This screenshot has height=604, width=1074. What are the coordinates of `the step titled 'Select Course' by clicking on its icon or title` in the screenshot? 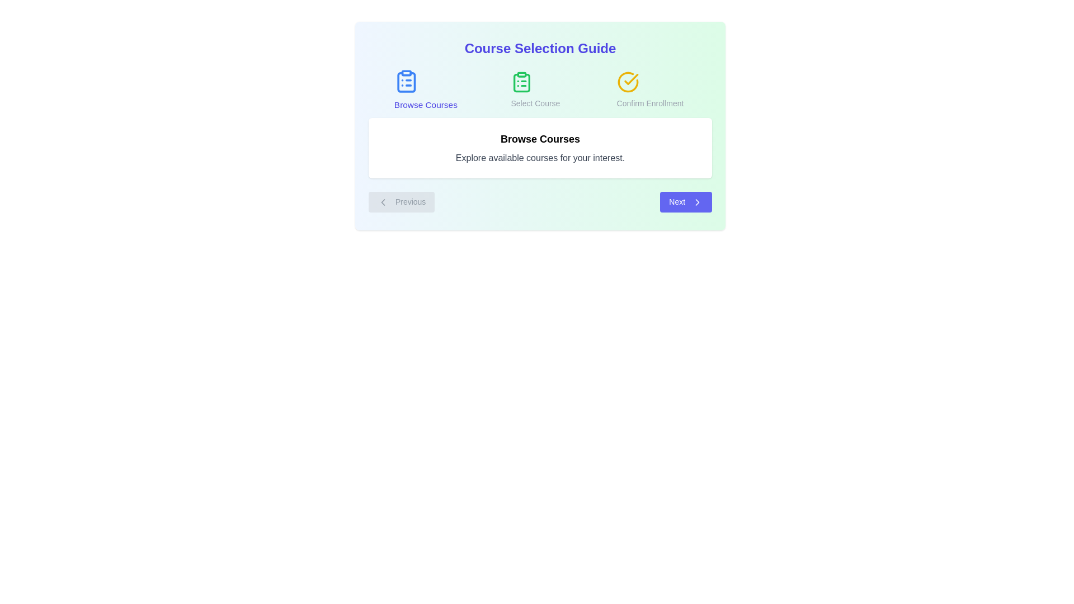 It's located at (535, 89).